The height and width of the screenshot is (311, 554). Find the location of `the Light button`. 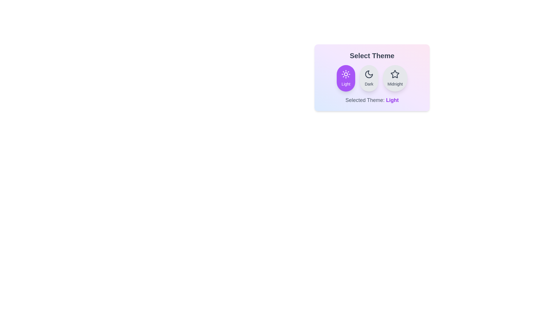

the Light button is located at coordinates (346, 78).